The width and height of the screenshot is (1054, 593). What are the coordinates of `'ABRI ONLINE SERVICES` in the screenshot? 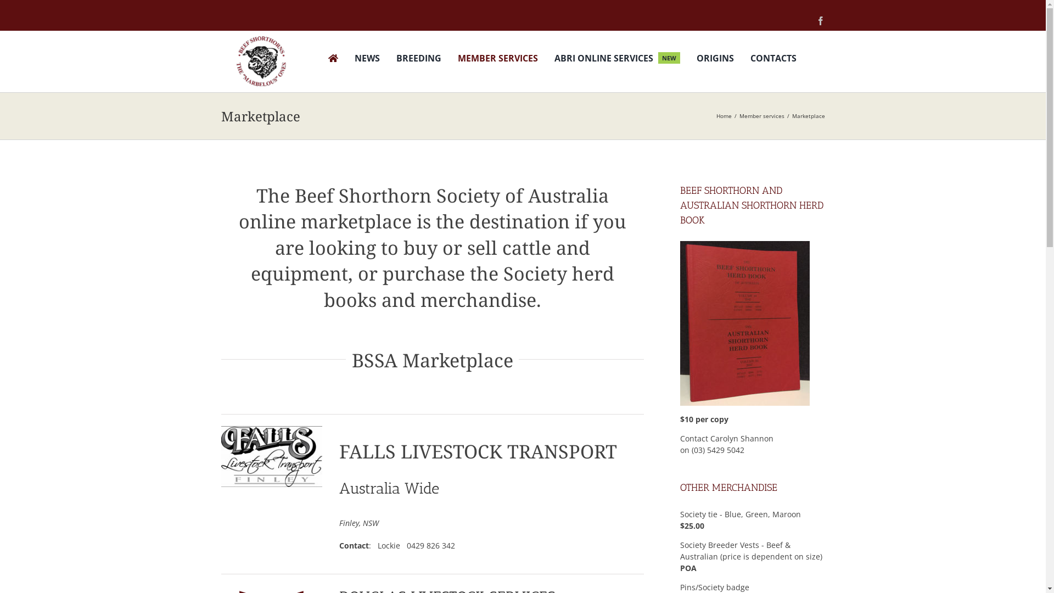 It's located at (617, 59).